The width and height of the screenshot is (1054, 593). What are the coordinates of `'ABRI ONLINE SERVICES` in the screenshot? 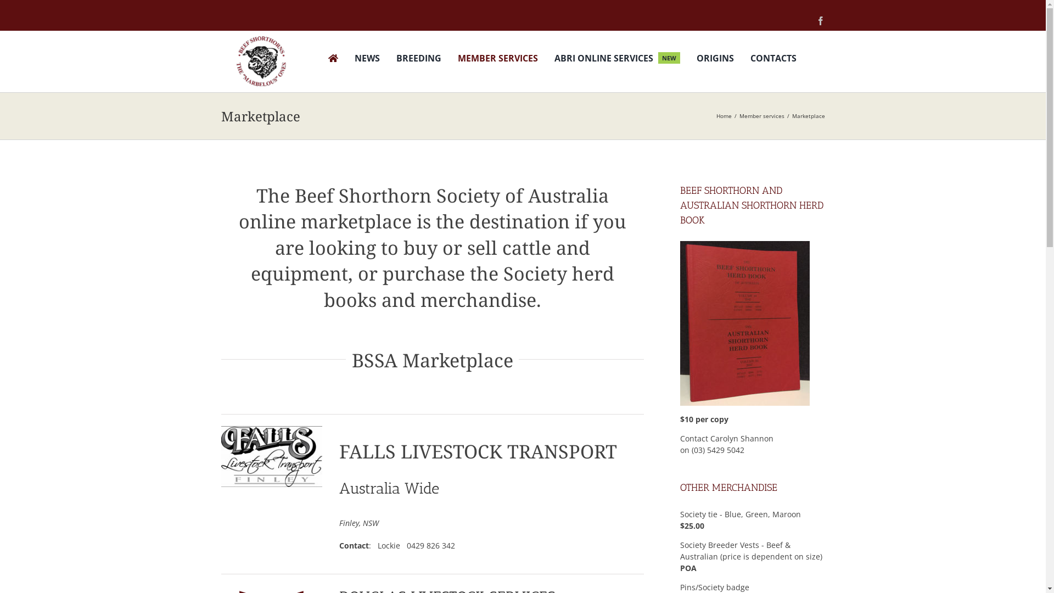 It's located at (617, 59).